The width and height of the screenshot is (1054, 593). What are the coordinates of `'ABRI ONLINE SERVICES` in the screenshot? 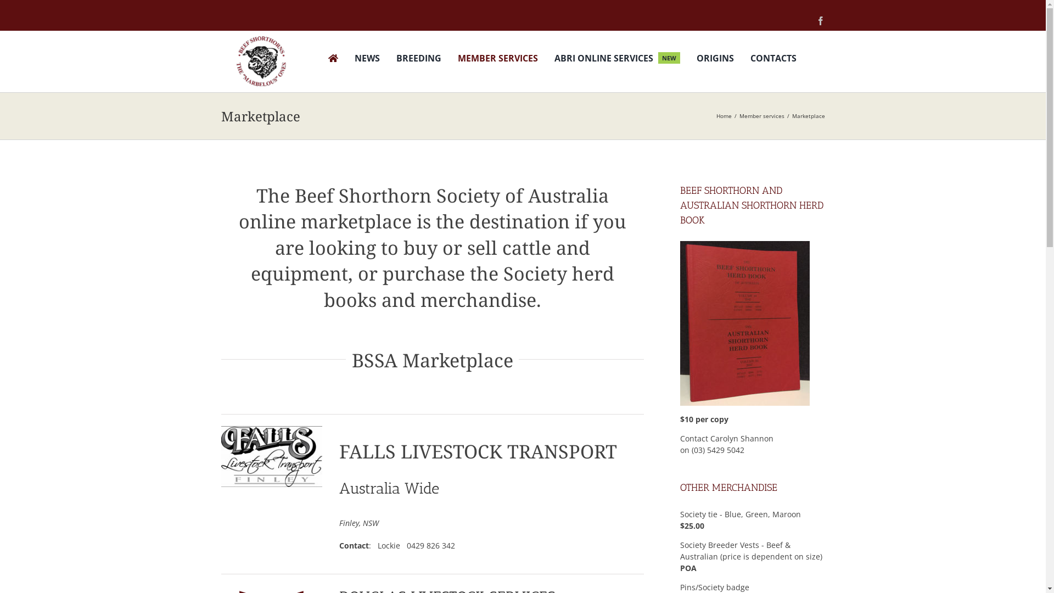 It's located at (617, 59).